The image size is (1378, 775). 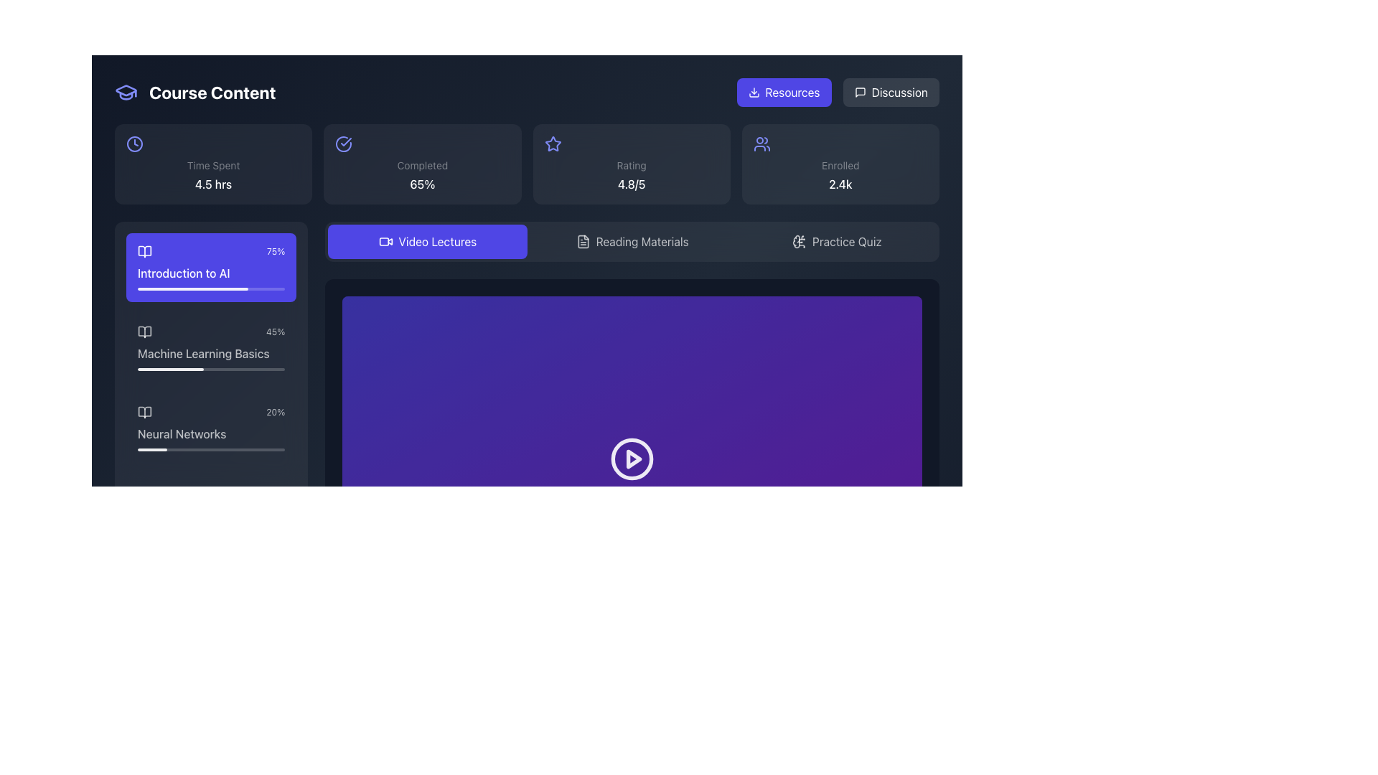 I want to click on the Text Label that indicates the numerical rating of '4.8/5', located below the star icon in the rating section of the dashboard interface, so click(x=632, y=165).